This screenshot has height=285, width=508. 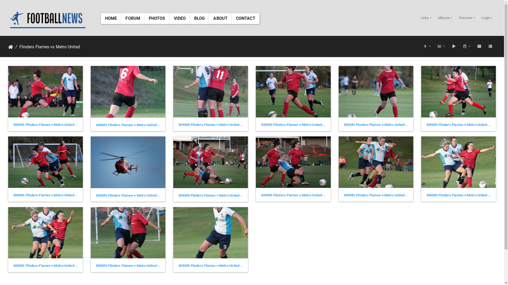 I want to click on 'HOME', so click(x=111, y=18).